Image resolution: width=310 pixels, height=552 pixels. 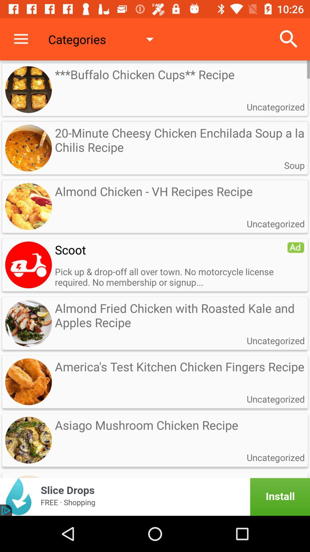 What do you see at coordinates (155, 497) in the screenshot?
I see `advertisement page` at bounding box center [155, 497].